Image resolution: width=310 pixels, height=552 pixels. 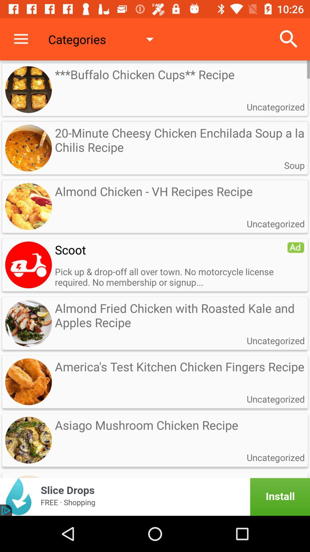 What do you see at coordinates (155, 497) in the screenshot?
I see `advertisement page` at bounding box center [155, 497].